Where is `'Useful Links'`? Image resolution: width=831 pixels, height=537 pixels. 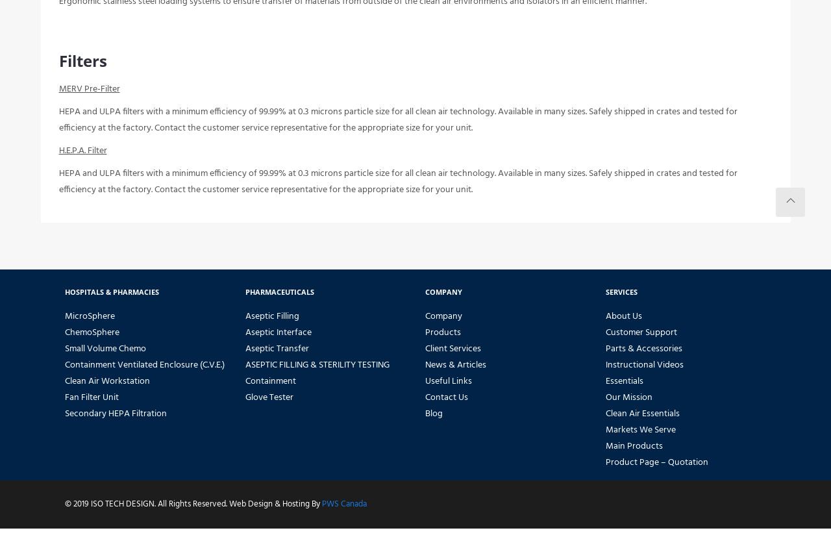
'Useful Links' is located at coordinates (448, 390).